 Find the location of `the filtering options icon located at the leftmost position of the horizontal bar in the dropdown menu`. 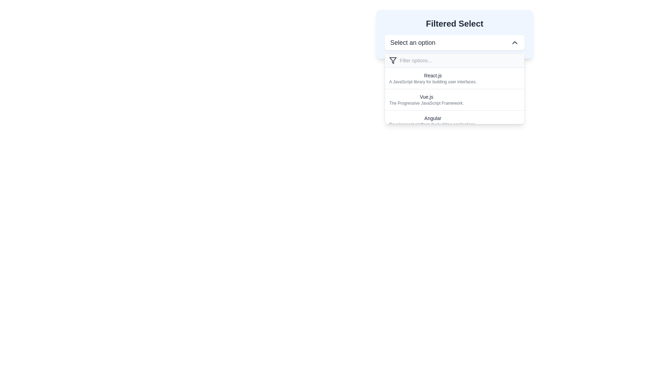

the filtering options icon located at the leftmost position of the horizontal bar in the dropdown menu is located at coordinates (393, 60).